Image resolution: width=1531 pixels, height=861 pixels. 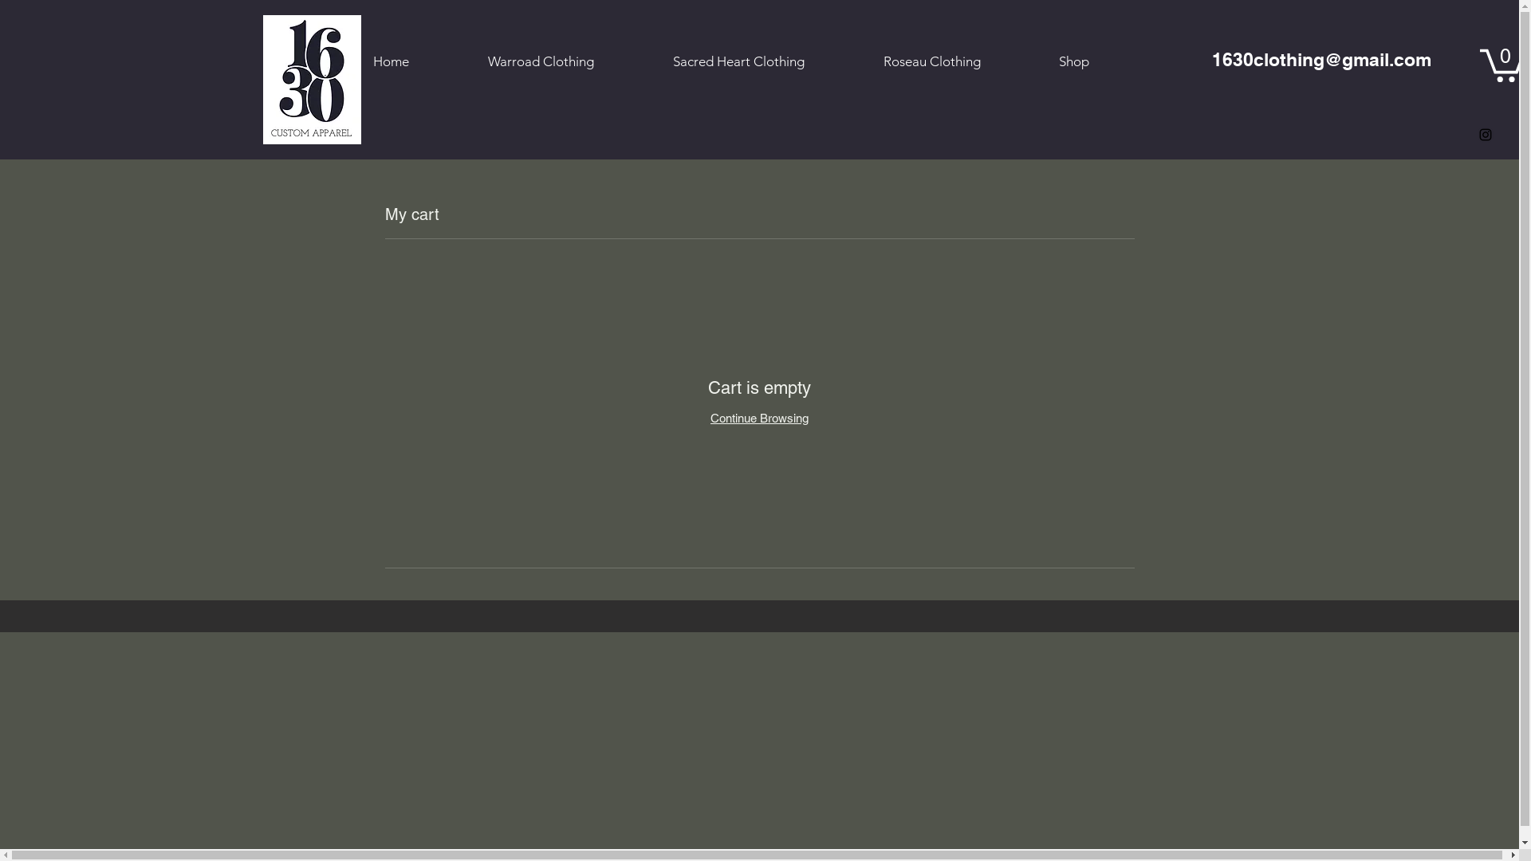 I want to click on '1630clothing@gmail.com', so click(x=1321, y=58).